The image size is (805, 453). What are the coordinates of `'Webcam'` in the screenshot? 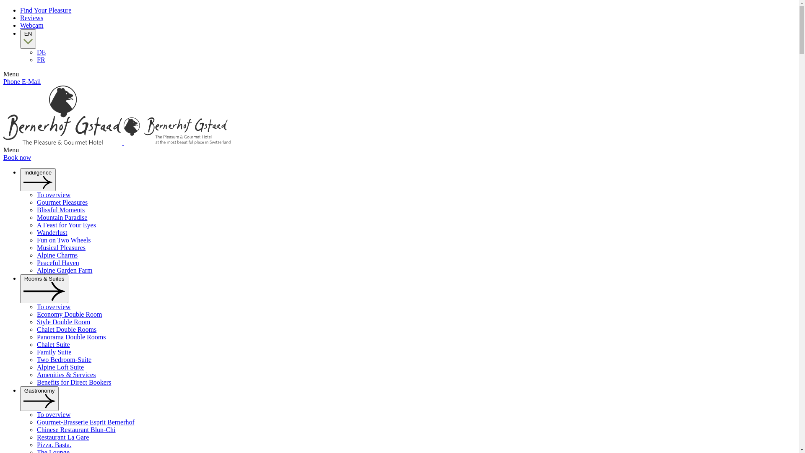 It's located at (32, 25).